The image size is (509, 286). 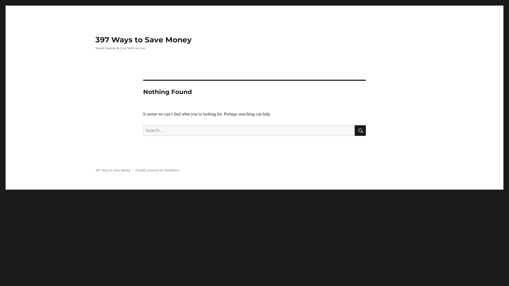 What do you see at coordinates (157, 170) in the screenshot?
I see `'Proudly powered by WordPress'` at bounding box center [157, 170].